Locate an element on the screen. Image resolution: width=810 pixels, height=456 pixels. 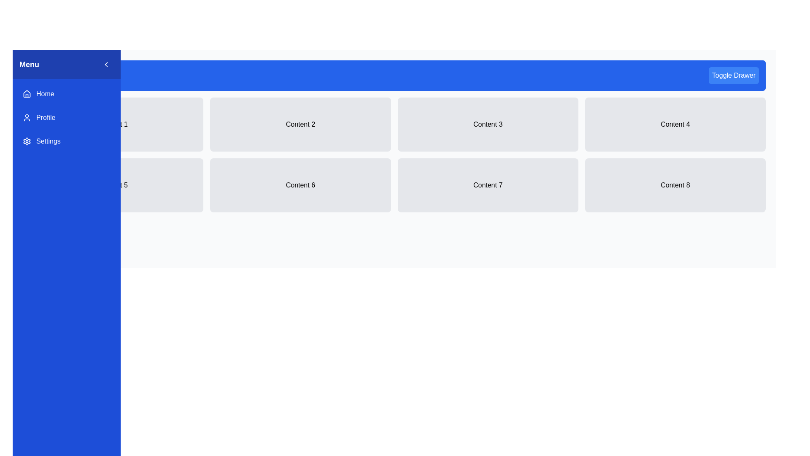
the graphical details of the house icon in the left sidebar menu, which is styled in blue and white and represents the home or main page is located at coordinates (27, 94).